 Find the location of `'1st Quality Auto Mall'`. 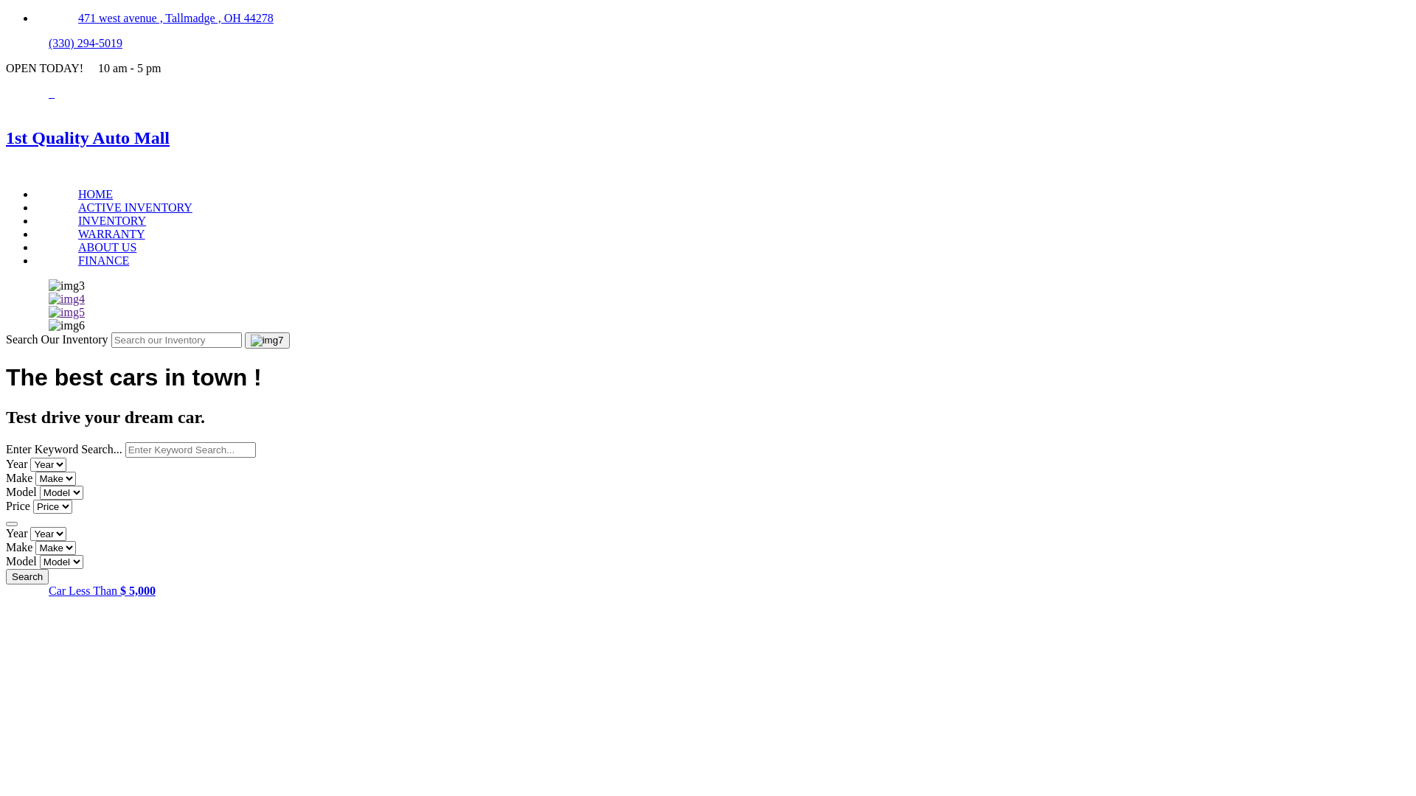

'1st Quality Auto Mall' is located at coordinates (708, 137).